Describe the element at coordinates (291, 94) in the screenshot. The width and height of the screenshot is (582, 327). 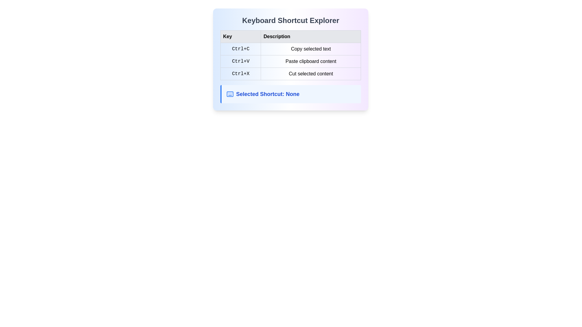
I see `the informational label indicating the currently selected shortcut key, which is set to 'None', located below the 'Keyboard Shortcut Explorer' table` at that location.